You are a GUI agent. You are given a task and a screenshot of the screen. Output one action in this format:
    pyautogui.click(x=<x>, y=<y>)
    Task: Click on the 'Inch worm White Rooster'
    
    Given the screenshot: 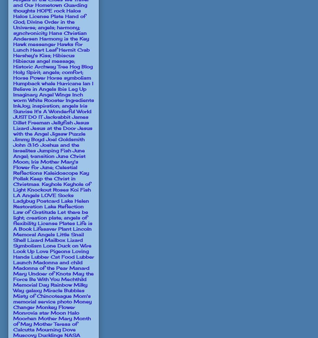 What is the action you would take?
    pyautogui.click(x=13, y=96)
    